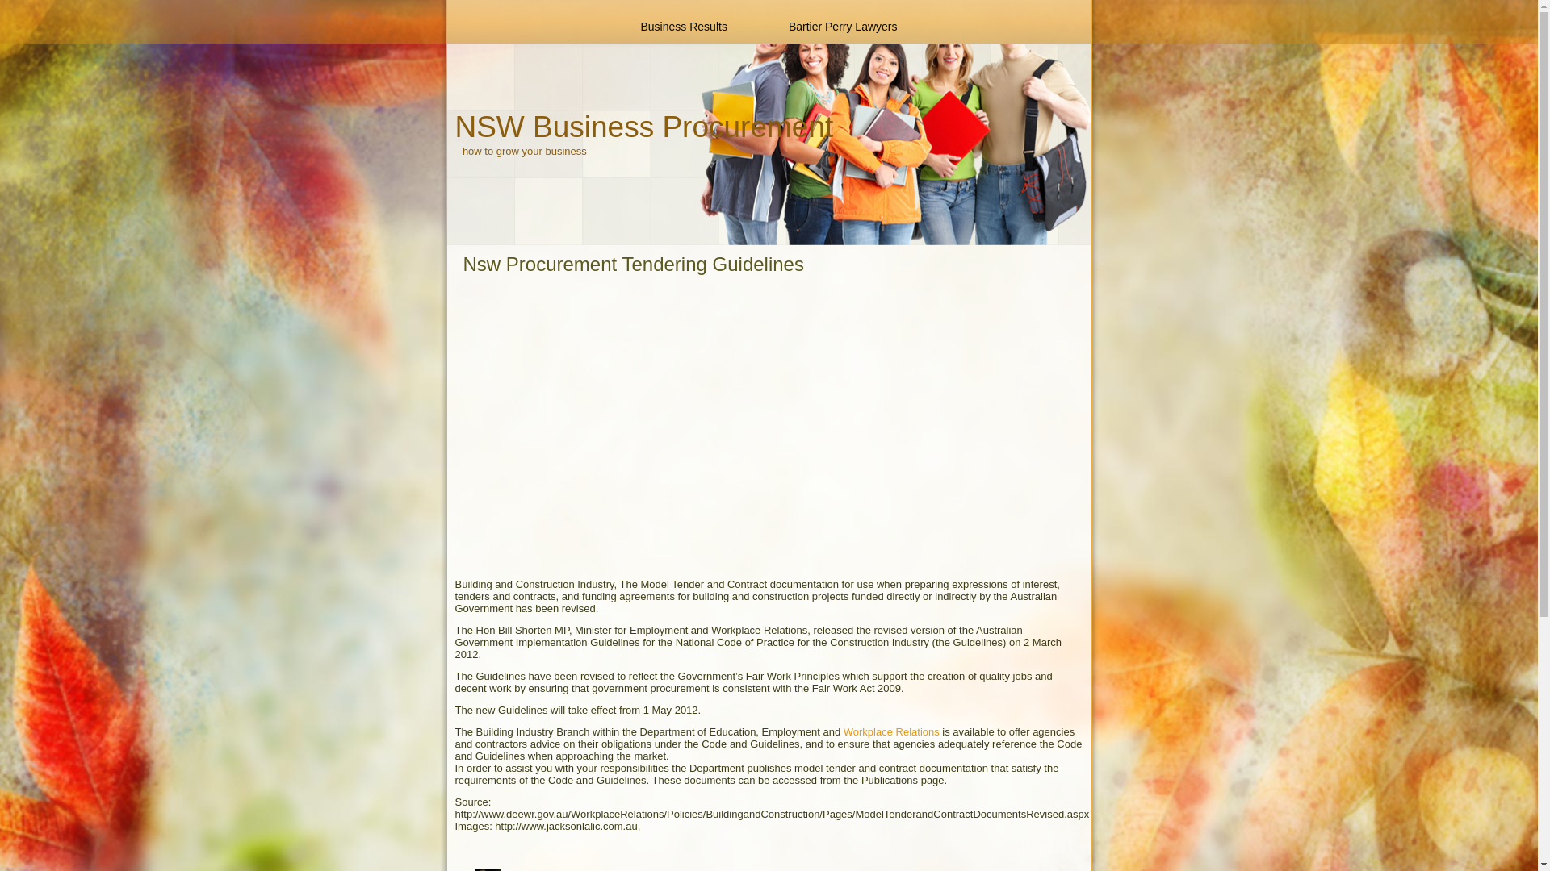  I want to click on 'Workplace Relations', so click(890, 731).